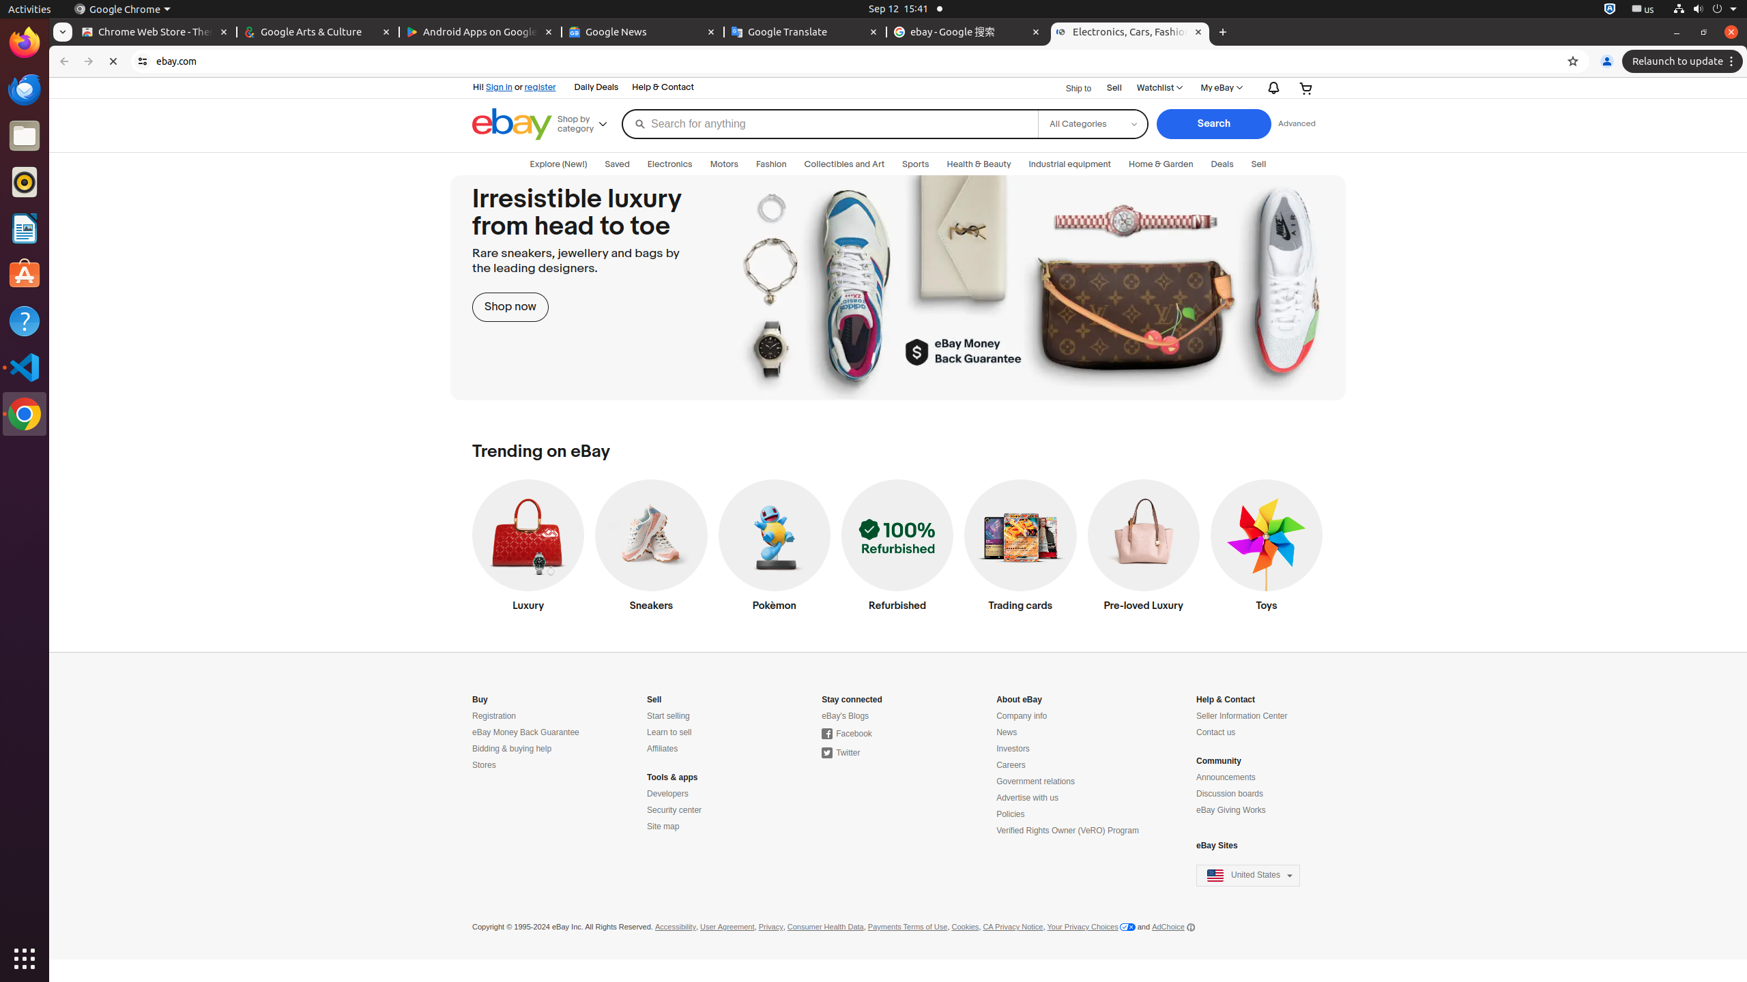 This screenshot has width=1747, height=982. I want to click on 'About eBay', so click(1018, 700).